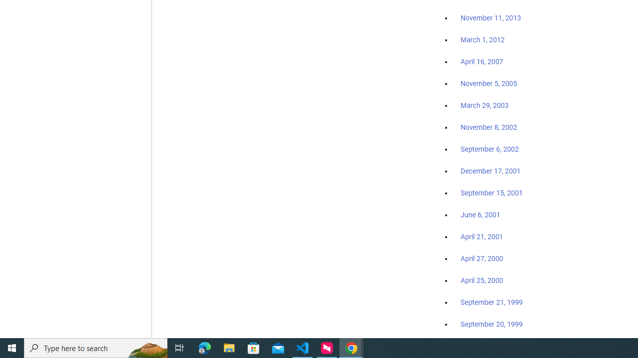 This screenshot has width=638, height=358. What do you see at coordinates (491, 302) in the screenshot?
I see `'September 21, 1999'` at bounding box center [491, 302].